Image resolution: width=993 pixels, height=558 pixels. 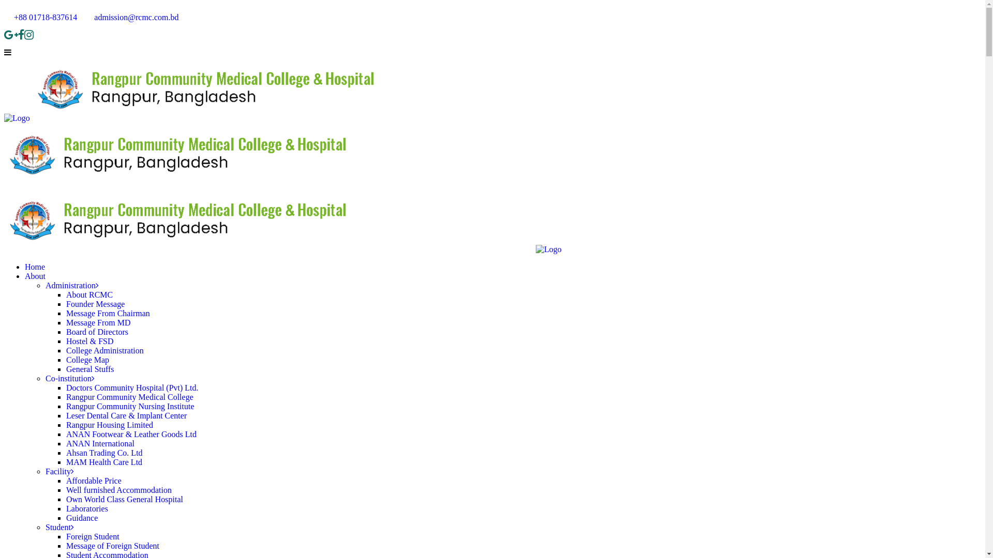 What do you see at coordinates (59, 527) in the screenshot?
I see `'Student'` at bounding box center [59, 527].